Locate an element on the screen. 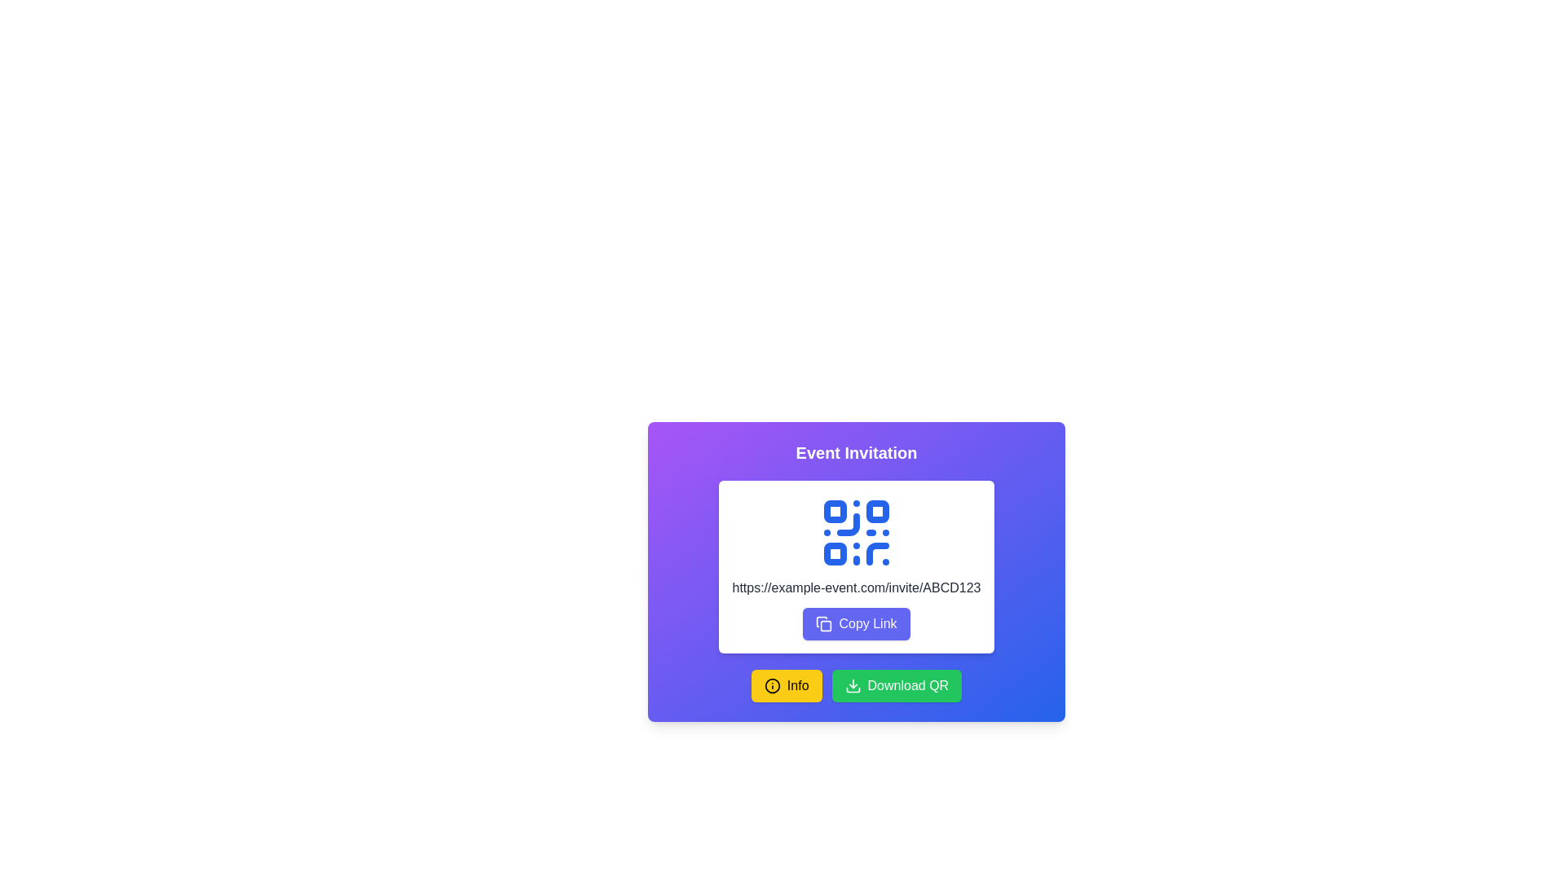 The image size is (1565, 880). the 'Download QR' button, which is styled with a green background and white text, located at the bottom right corner of the panel, adjacent to the 'Info' button is located at coordinates (856, 685).